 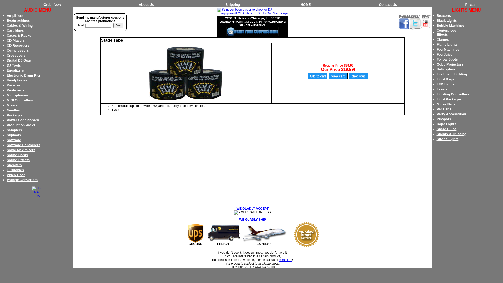 I want to click on 'HOME', so click(x=305, y=4).